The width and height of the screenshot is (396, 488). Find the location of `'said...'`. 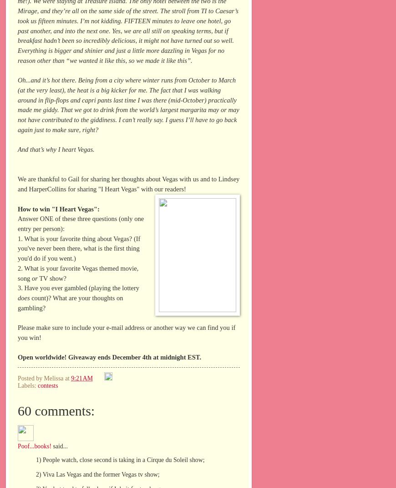

'said...' is located at coordinates (59, 445).